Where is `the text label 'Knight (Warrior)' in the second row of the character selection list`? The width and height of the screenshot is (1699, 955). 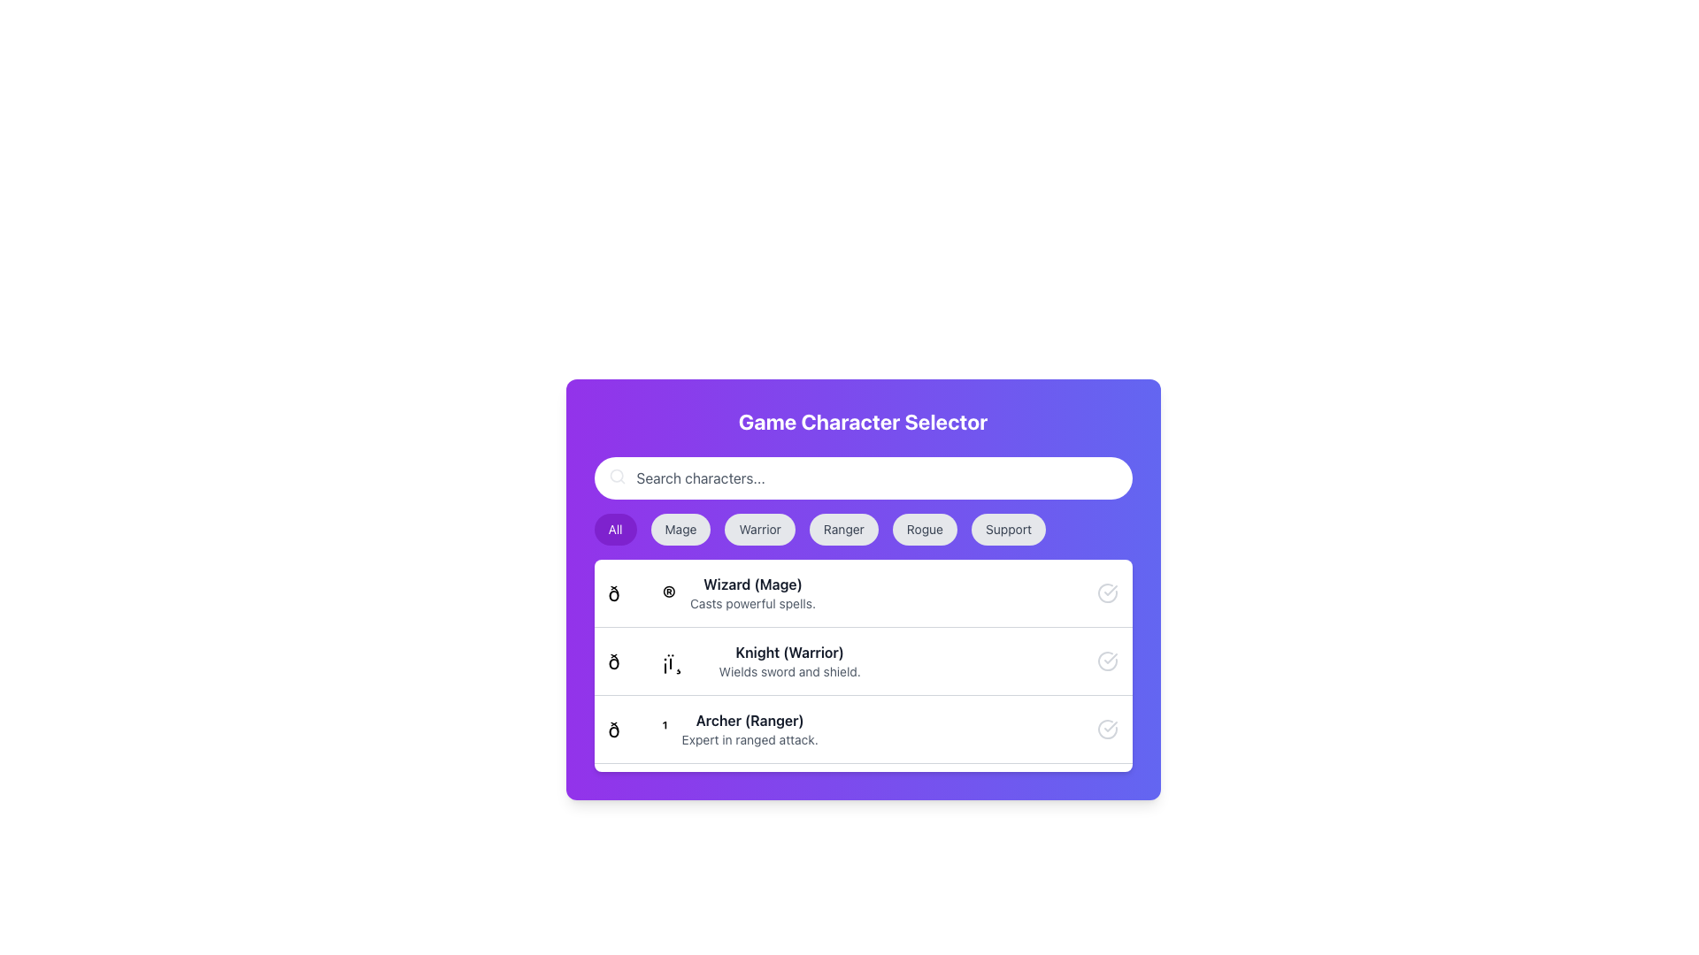
the text label 'Knight (Warrior)' in the second row of the character selection list is located at coordinates (788, 652).